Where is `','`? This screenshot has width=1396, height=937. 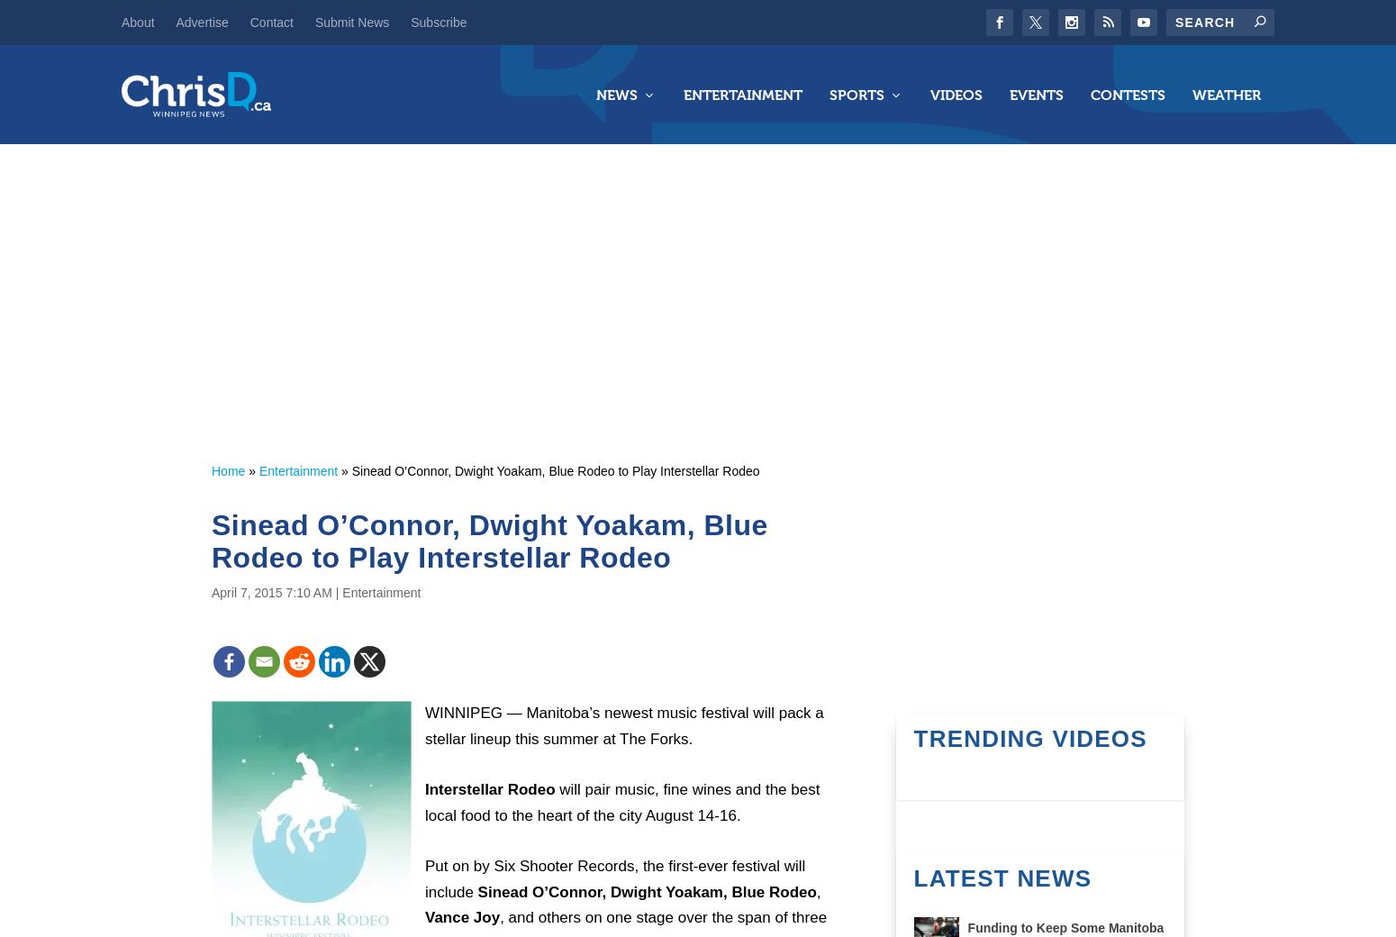
',' is located at coordinates (815, 890).